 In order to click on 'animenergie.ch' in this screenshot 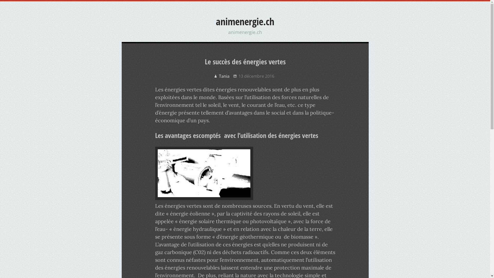, I will do `click(216, 21)`.